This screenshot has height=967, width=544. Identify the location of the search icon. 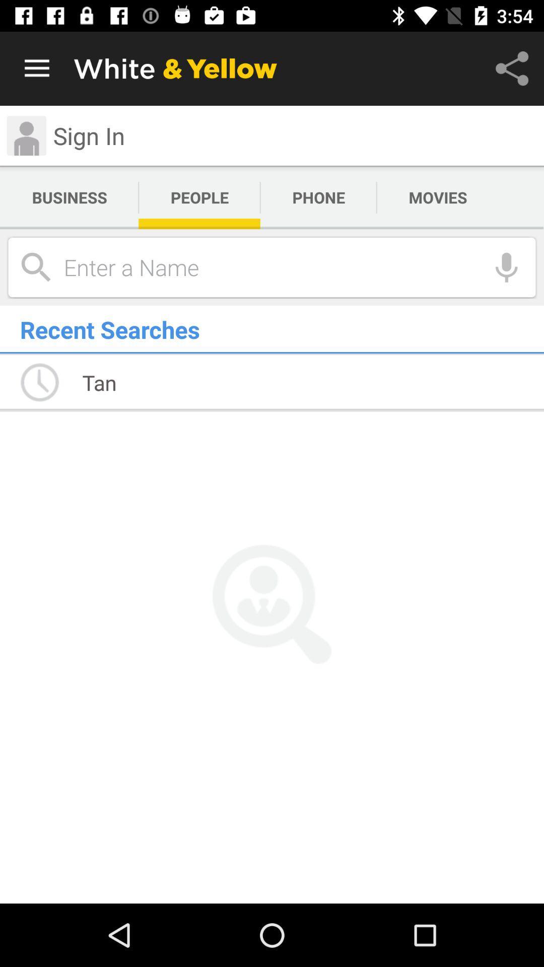
(35, 267).